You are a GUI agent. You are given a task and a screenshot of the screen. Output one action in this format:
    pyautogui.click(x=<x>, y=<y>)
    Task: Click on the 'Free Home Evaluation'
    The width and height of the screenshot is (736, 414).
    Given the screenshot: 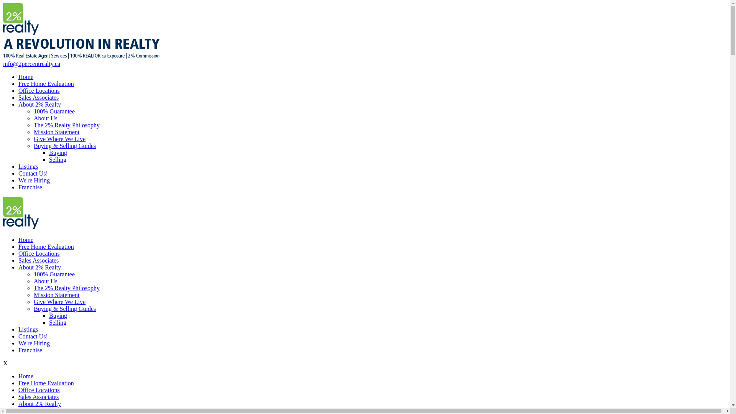 What is the action you would take?
    pyautogui.click(x=46, y=84)
    